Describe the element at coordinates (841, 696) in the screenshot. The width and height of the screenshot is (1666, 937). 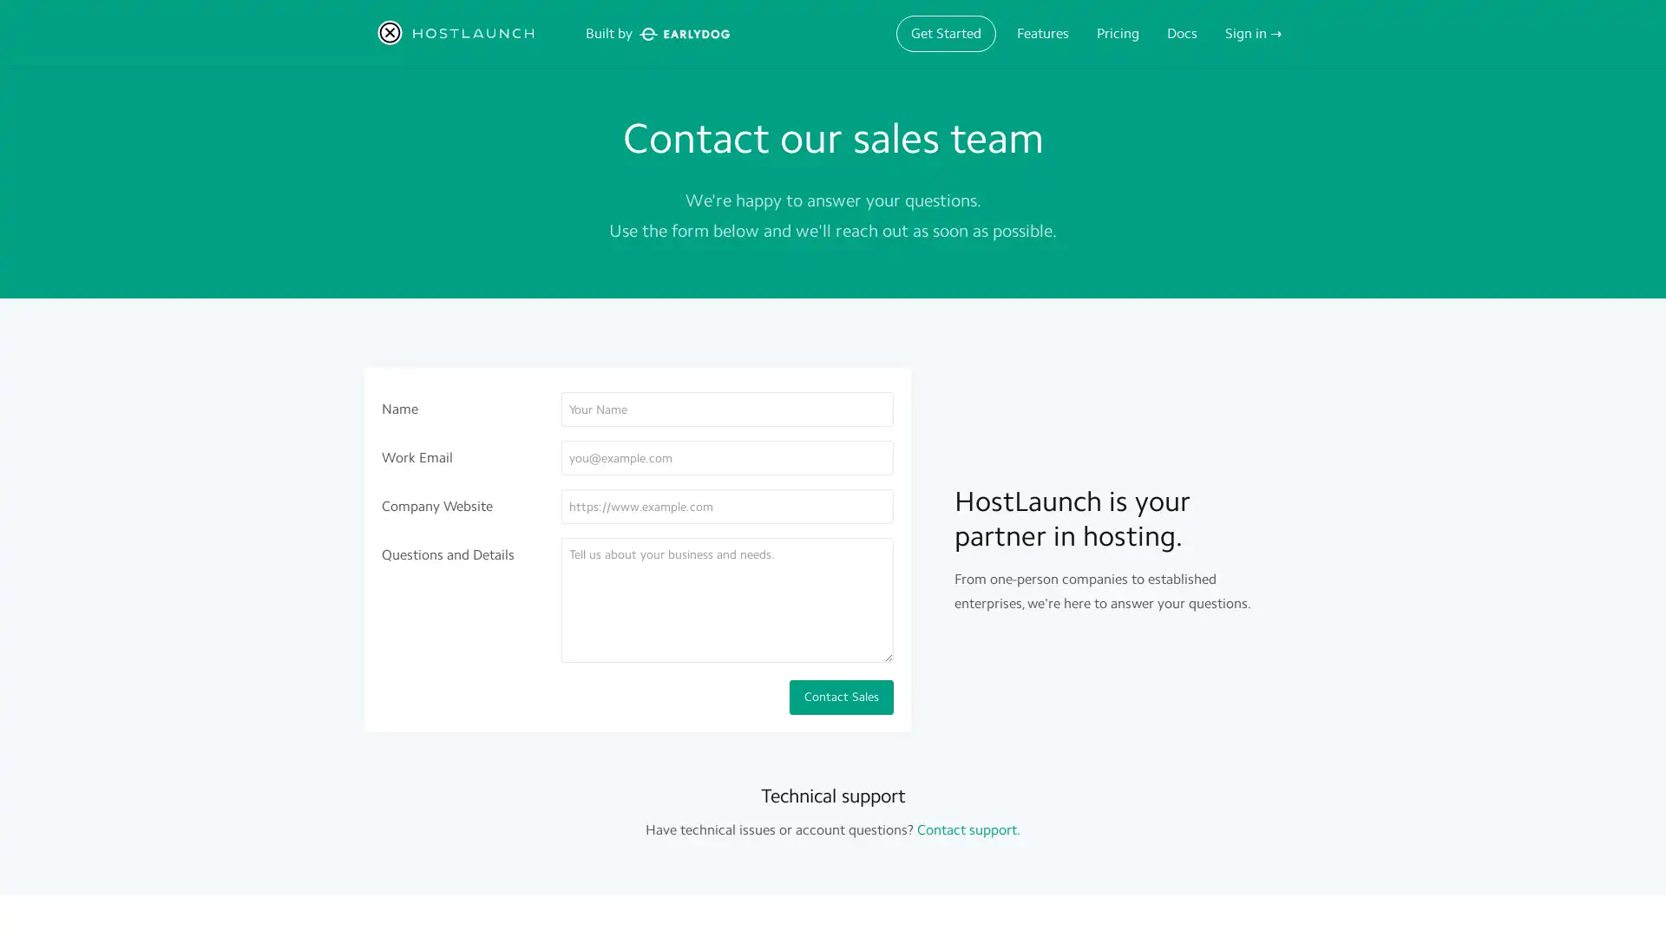
I see `Contact Sales` at that location.